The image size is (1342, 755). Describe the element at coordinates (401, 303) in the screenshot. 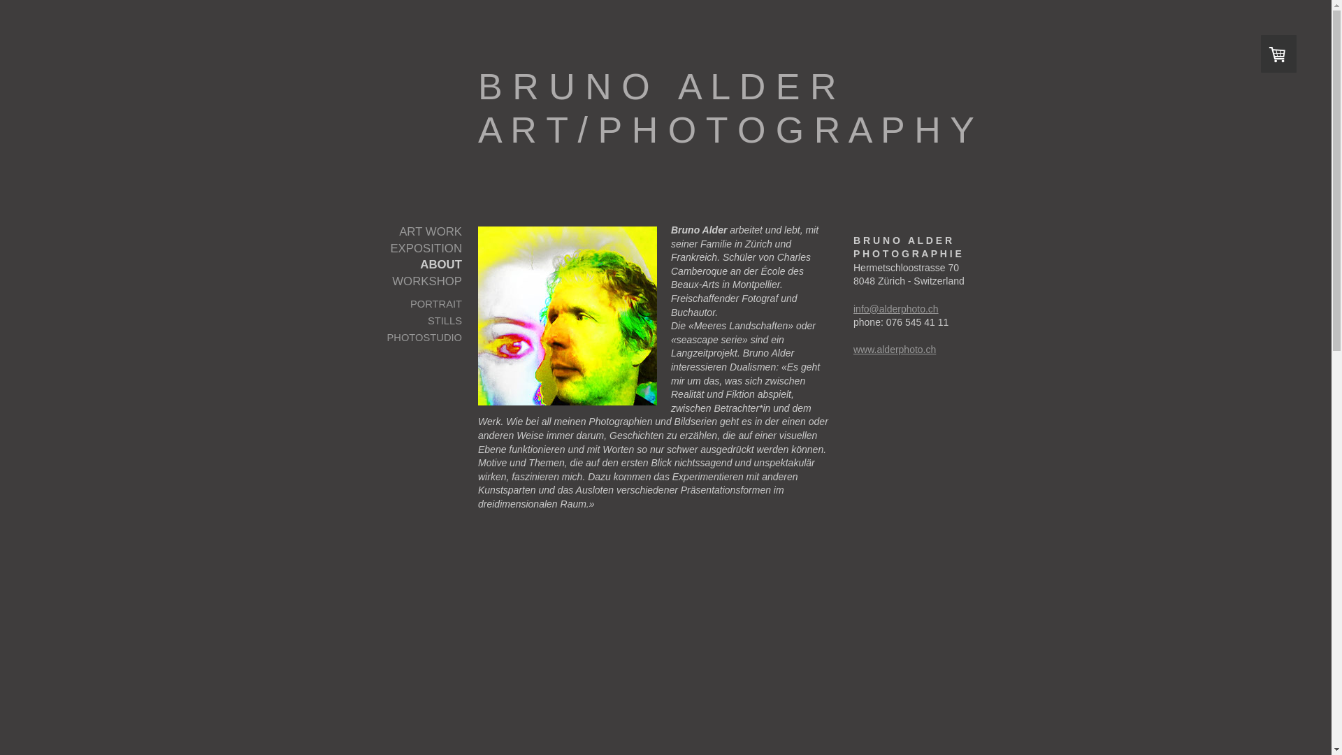

I see `'PORTRAIT'` at that location.